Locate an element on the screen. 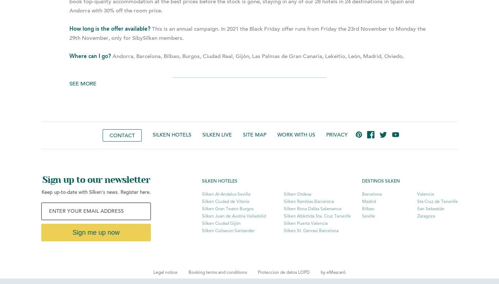 Image resolution: width=499 pixels, height=284 pixels. '30% discount' is located at coordinates (342, 93).